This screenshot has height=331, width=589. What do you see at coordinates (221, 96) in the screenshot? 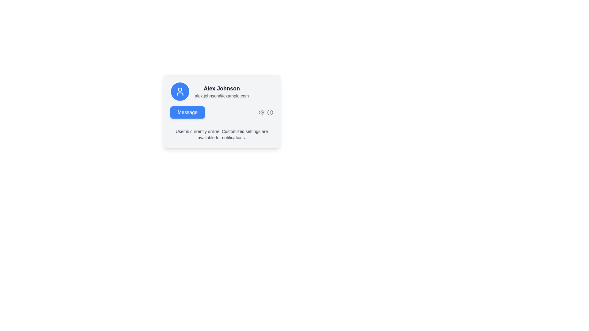
I see `the static text displaying the email address of user 'Alex Johnson', which is located beneath the name in a user profile card` at bounding box center [221, 96].